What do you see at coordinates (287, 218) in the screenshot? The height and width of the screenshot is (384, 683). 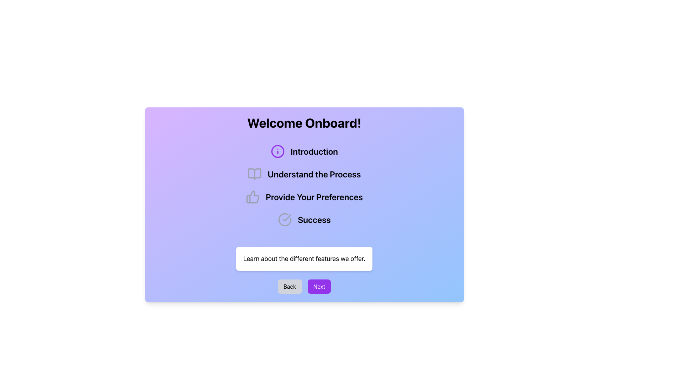 I see `the 'check' icon located in the bottom-right quadrant of the SVG circle representing the 'Success' step in the vertical sequence` at bounding box center [287, 218].